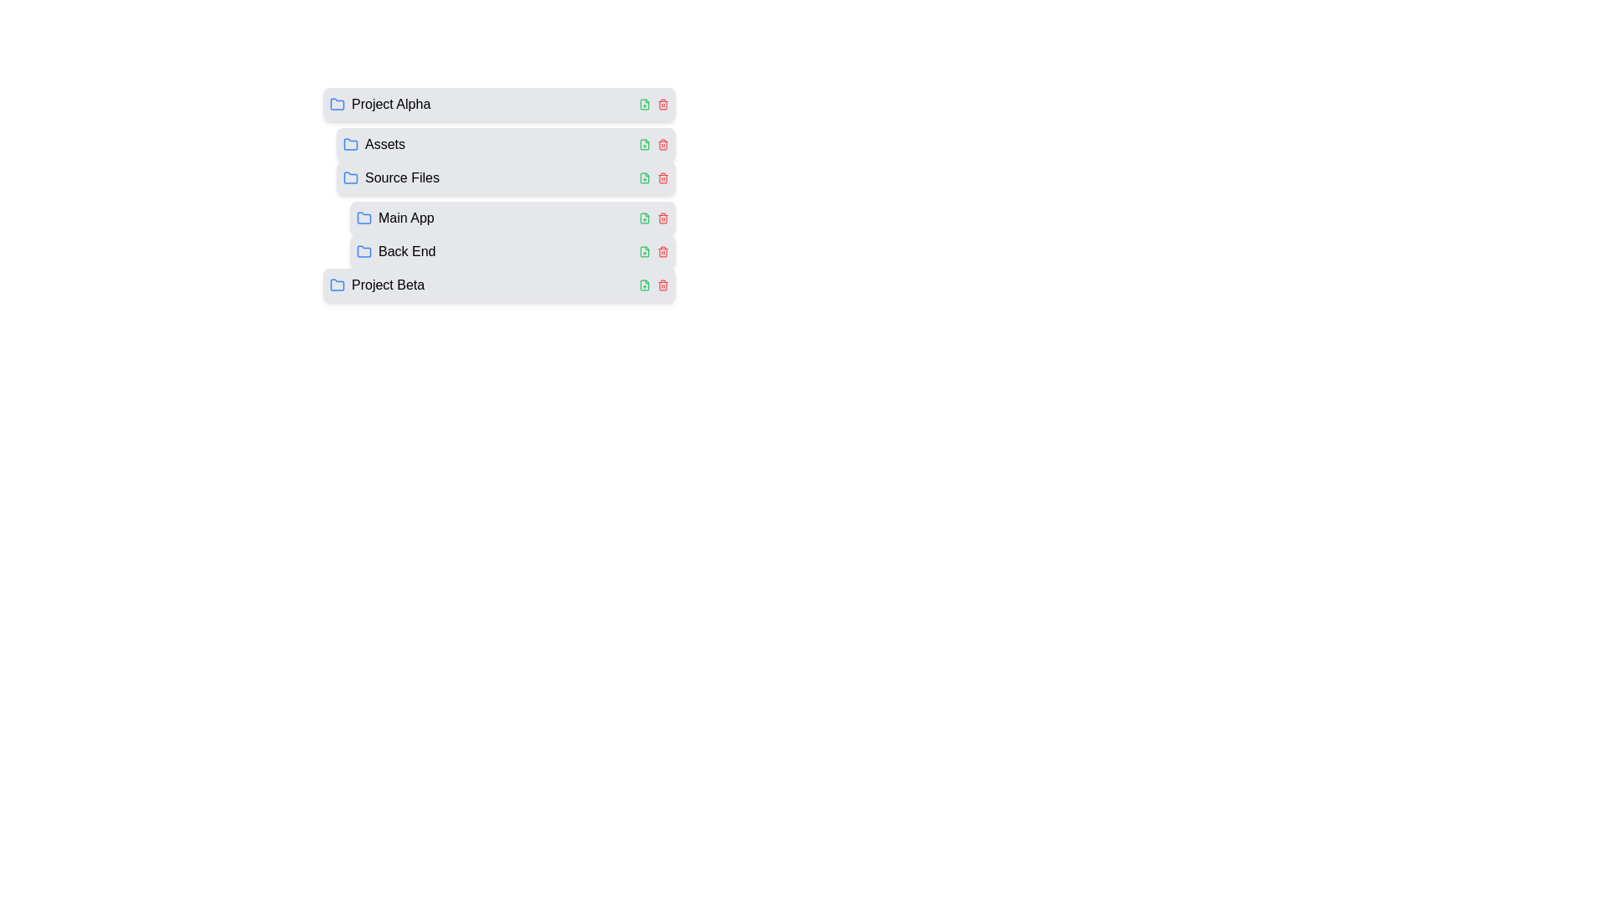  Describe the element at coordinates (662, 144) in the screenshot. I see `the red trash bin icon, which is the rightmost icon in the row for 'Assets'` at that location.